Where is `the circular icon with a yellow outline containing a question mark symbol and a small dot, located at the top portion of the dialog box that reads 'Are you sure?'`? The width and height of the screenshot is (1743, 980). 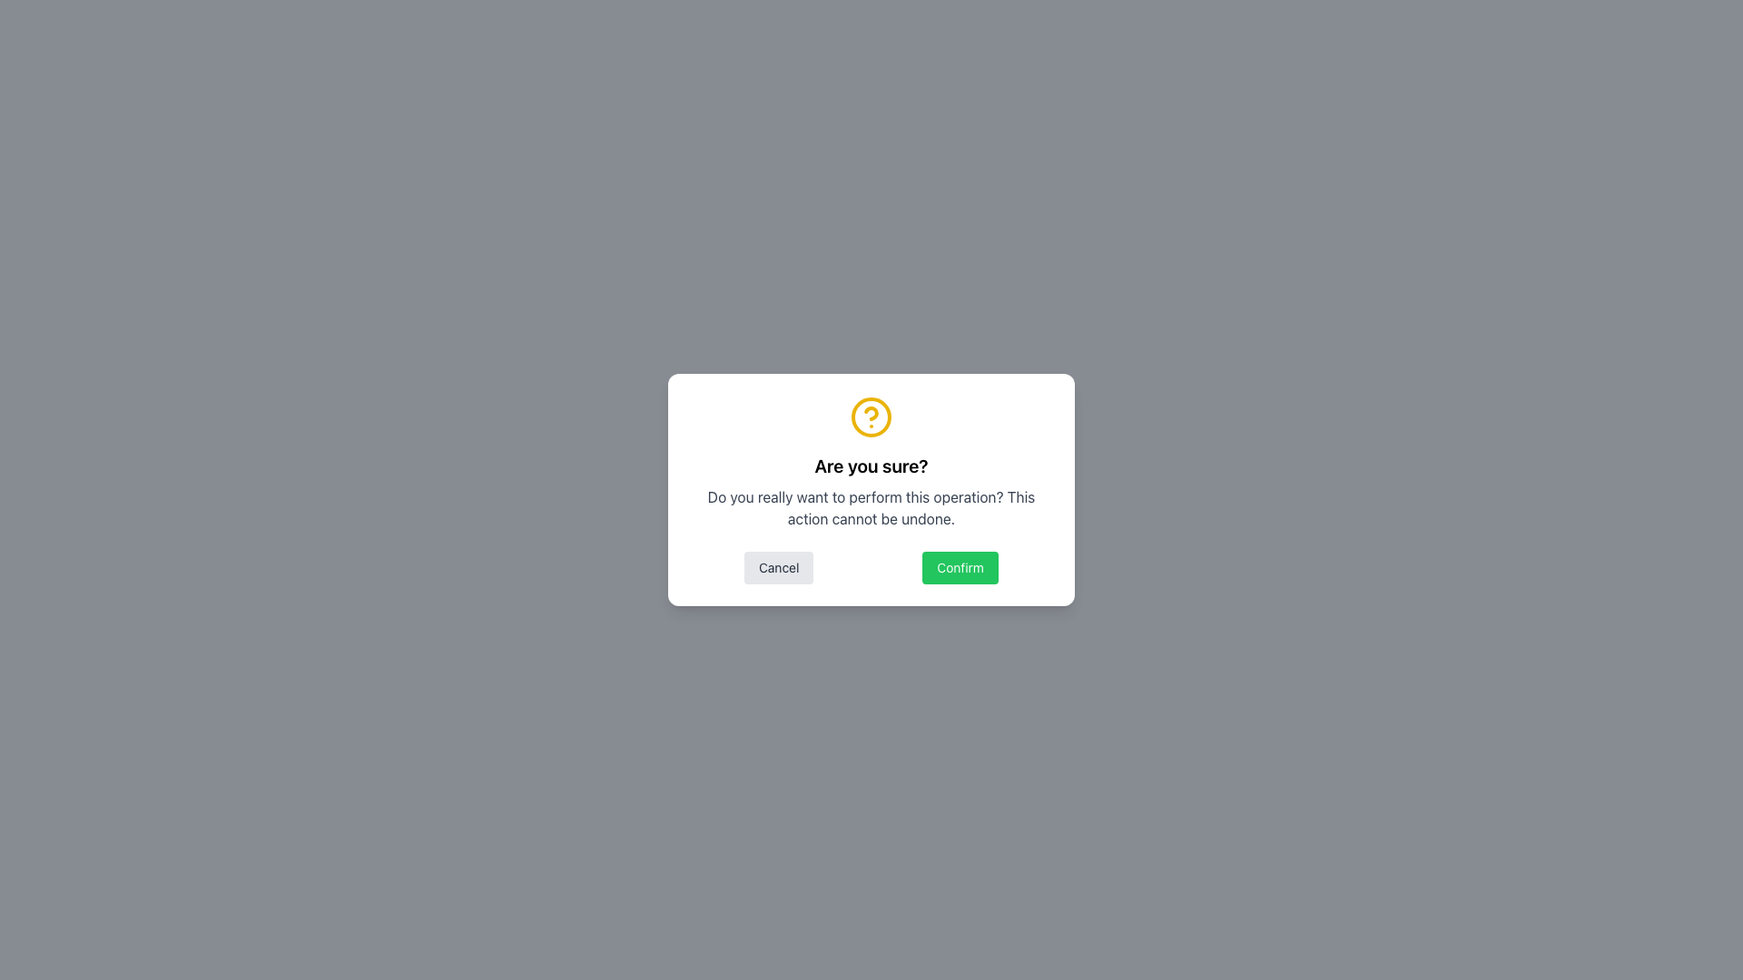 the circular icon with a yellow outline containing a question mark symbol and a small dot, located at the top portion of the dialog box that reads 'Are you sure?' is located at coordinates (871, 416).